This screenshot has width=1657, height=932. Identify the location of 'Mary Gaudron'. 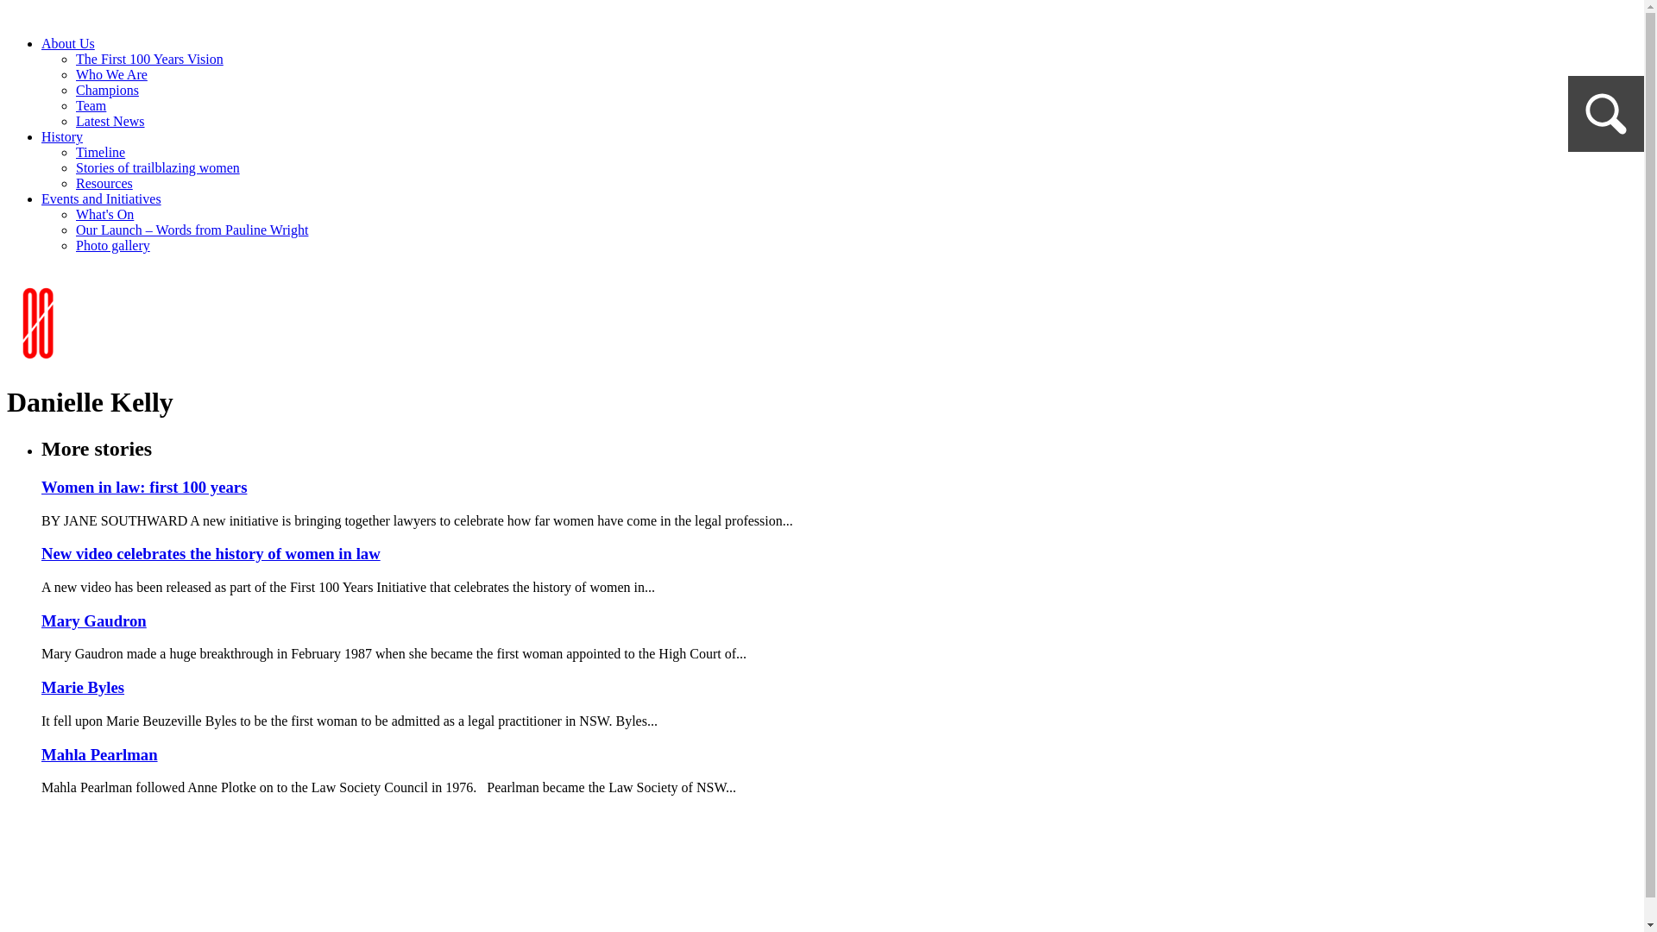
(93, 620).